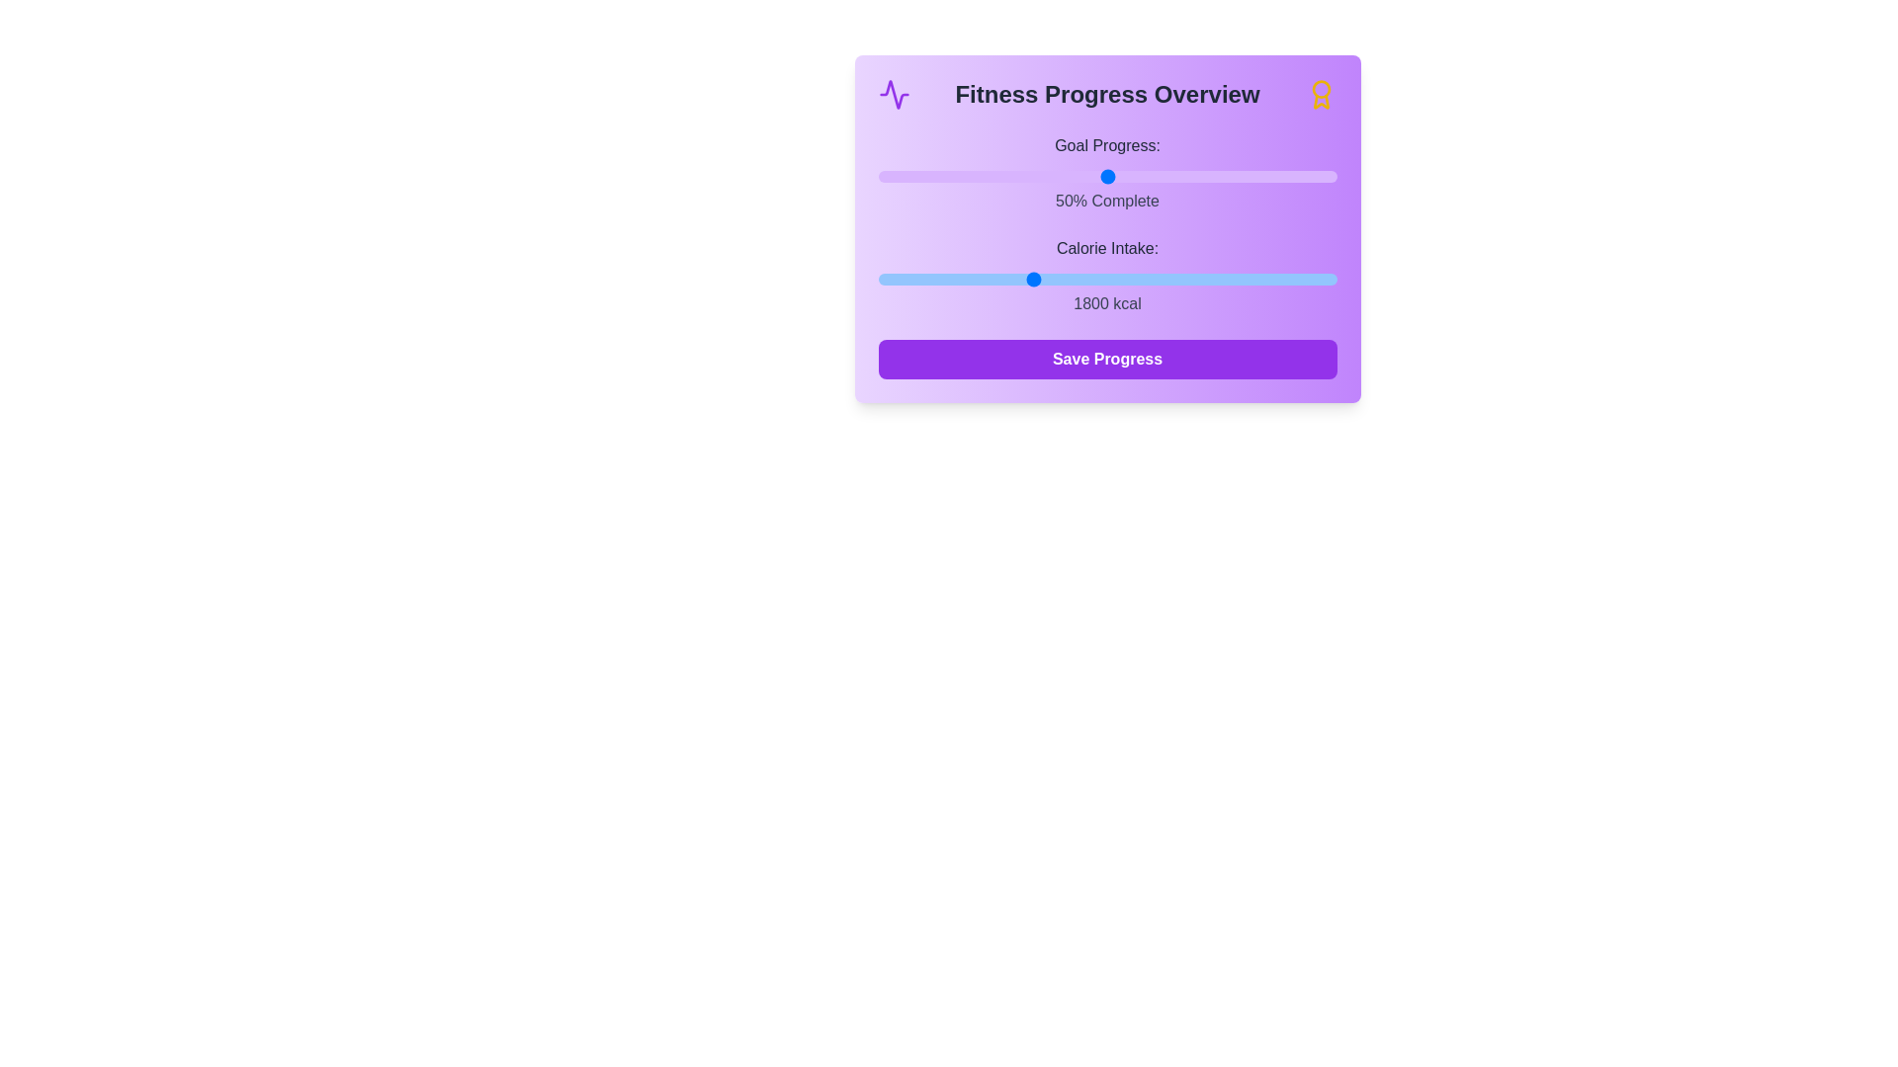  What do you see at coordinates (1321, 89) in the screenshot?
I see `the circular decorative element of the award icon located in the upper-right corner of the interface` at bounding box center [1321, 89].